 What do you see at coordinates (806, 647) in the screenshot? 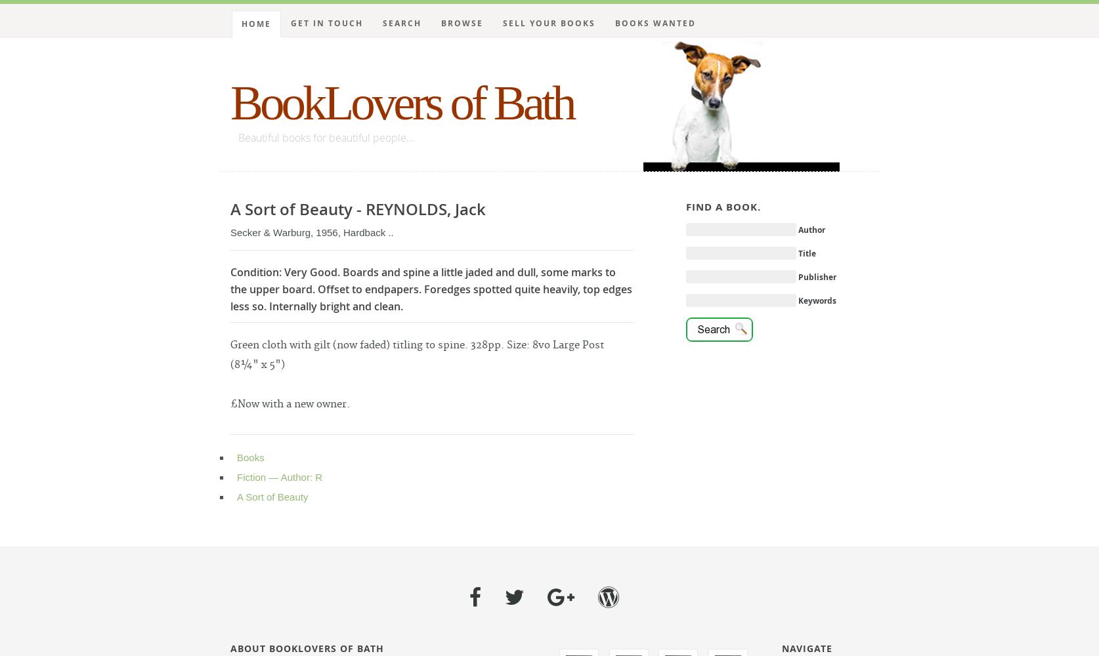
I see `'Navigate'` at bounding box center [806, 647].